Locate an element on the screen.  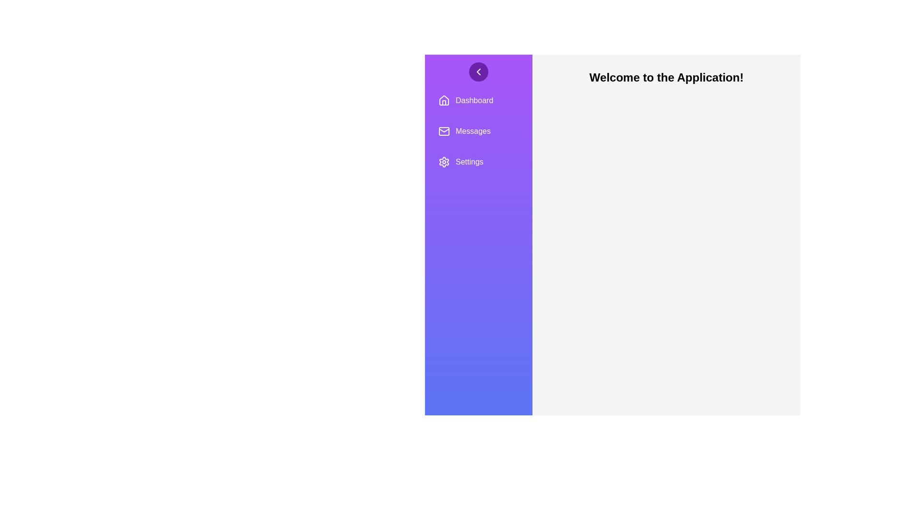
the upper rectangle component of the envelope icon indicating the 'Messages' section in the vertical navigation bar is located at coordinates (444, 131).